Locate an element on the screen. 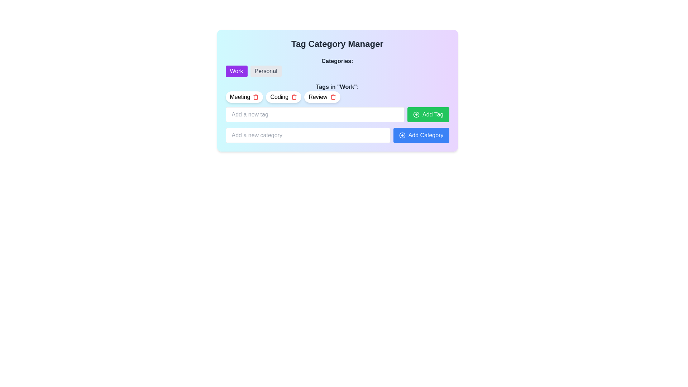  the Interactive trash icon button located to the right of the 'Meeting' text is located at coordinates (256, 97).